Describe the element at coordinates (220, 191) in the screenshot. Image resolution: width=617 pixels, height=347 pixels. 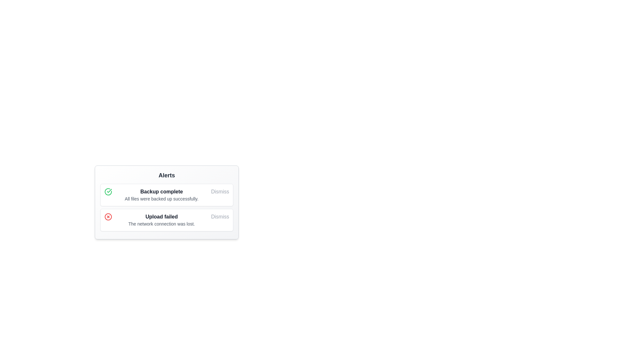
I see `the 'Dismiss' button, which is styled in gray and changes to red on hover, located to the right of the 'Backup complete' notification card` at that location.